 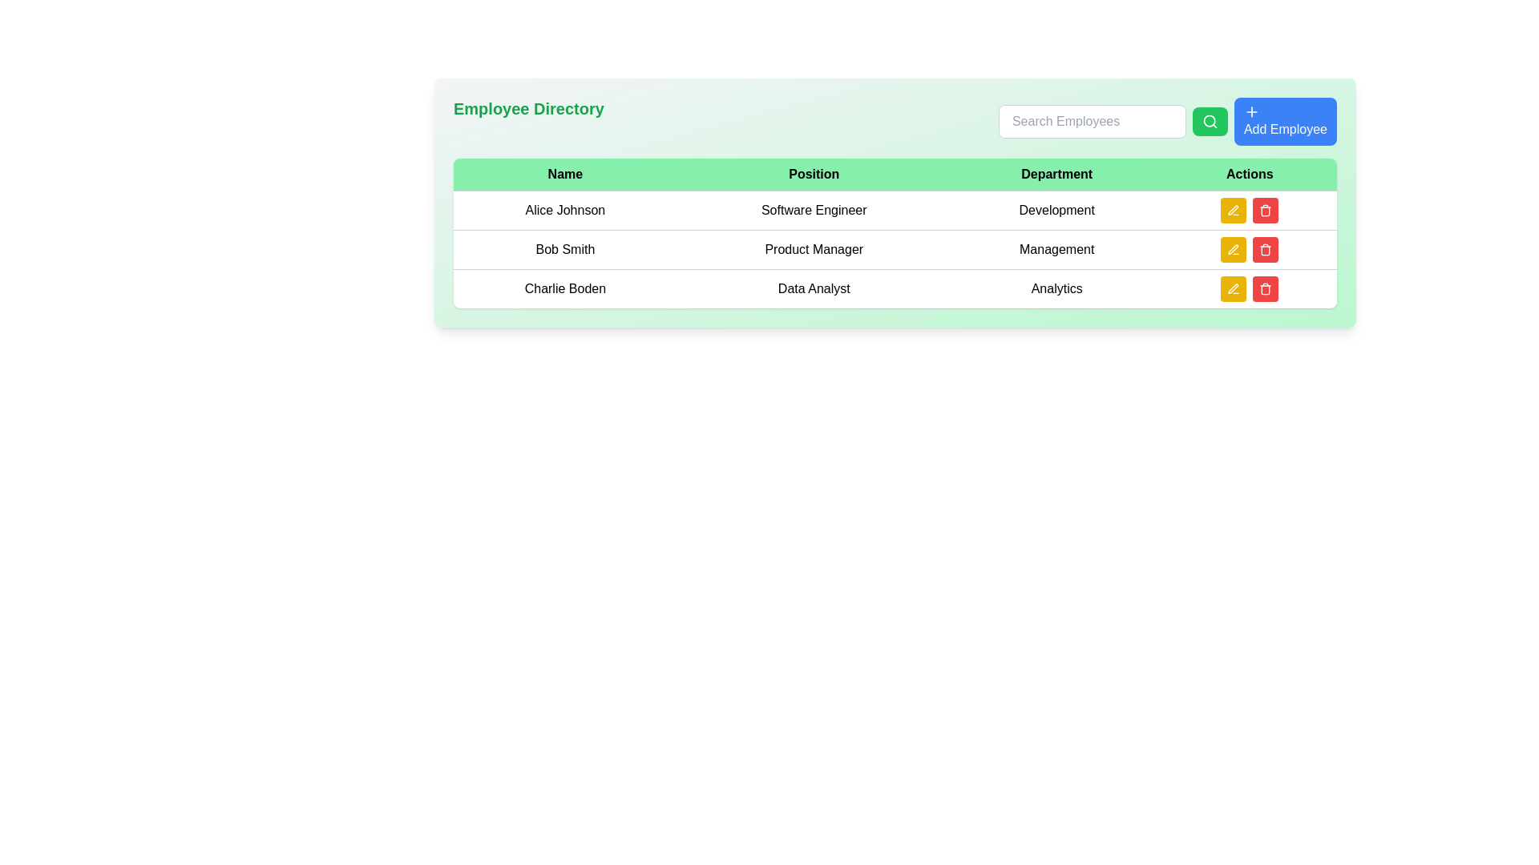 I want to click on the yellow circular icon button in the 'Actions' column of the second row, so click(x=1233, y=250).